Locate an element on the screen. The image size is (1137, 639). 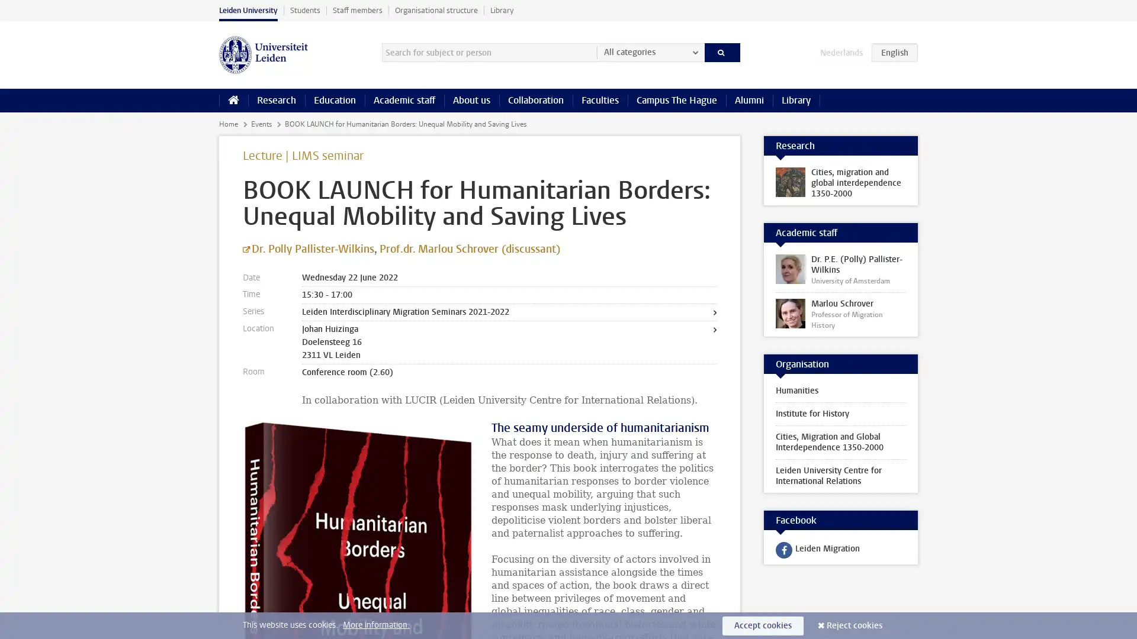
Reject cookies is located at coordinates (855, 625).